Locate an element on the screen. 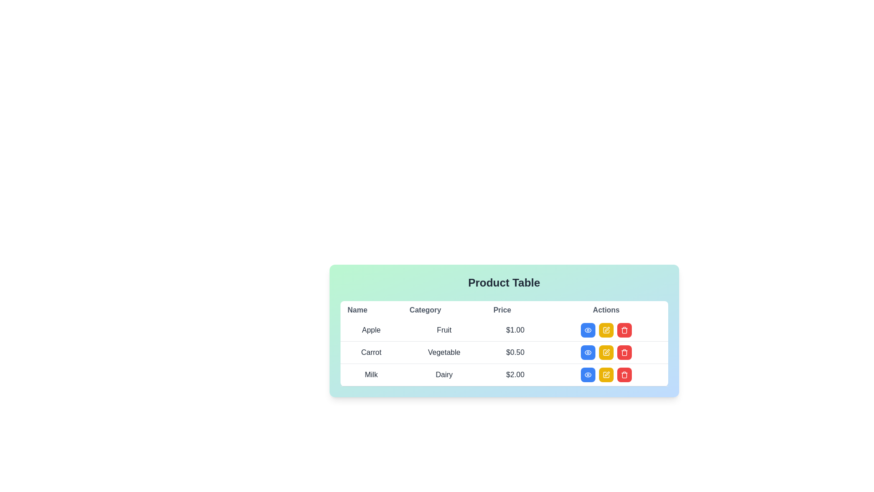 The height and width of the screenshot is (492, 874). the minimalistic square icon with rounded corners located in the top-right corner of the 'Actions' column for the 'Milk' dairy entry is located at coordinates (606, 374).